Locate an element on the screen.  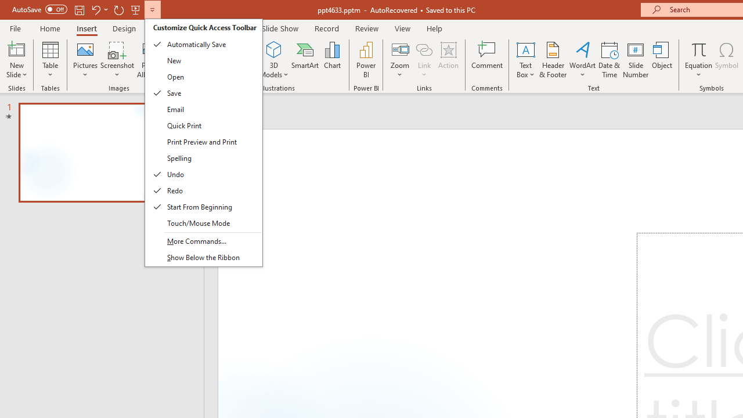
'Table' is located at coordinates (50, 60).